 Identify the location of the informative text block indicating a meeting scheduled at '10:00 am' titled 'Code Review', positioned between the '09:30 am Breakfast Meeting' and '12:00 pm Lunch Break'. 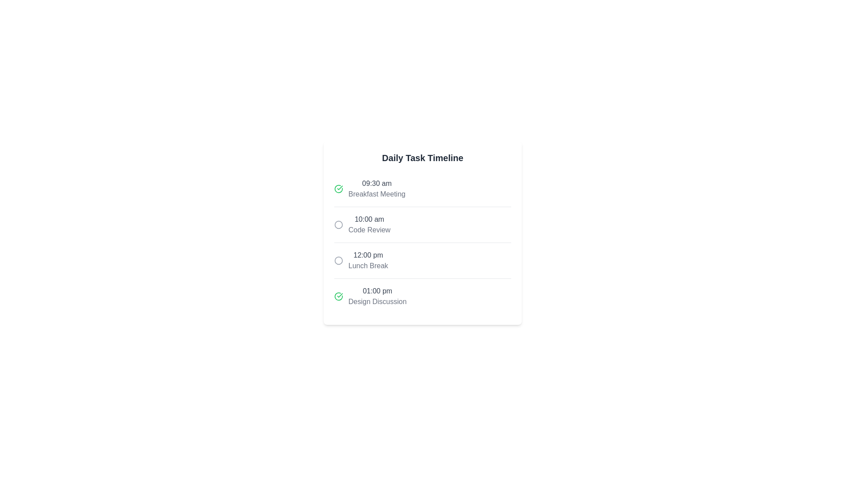
(369, 224).